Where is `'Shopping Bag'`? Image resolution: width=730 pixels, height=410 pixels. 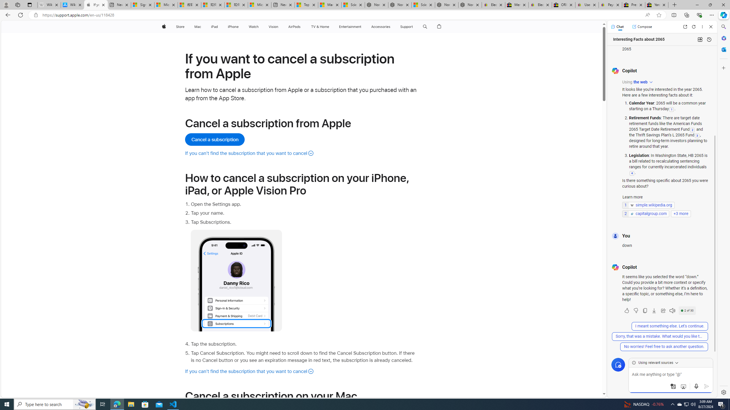
'Shopping Bag' is located at coordinates (439, 26).